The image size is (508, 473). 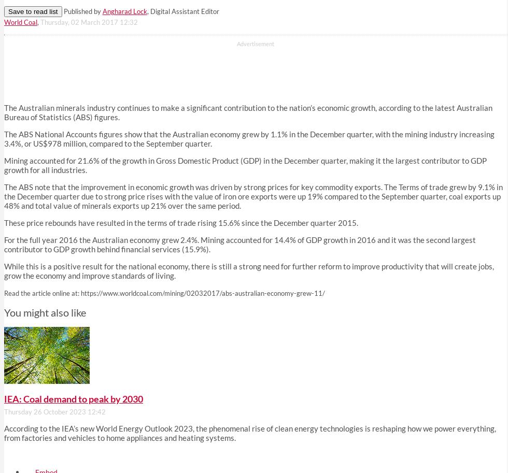 I want to click on 'Save to read list', so click(x=32, y=11).